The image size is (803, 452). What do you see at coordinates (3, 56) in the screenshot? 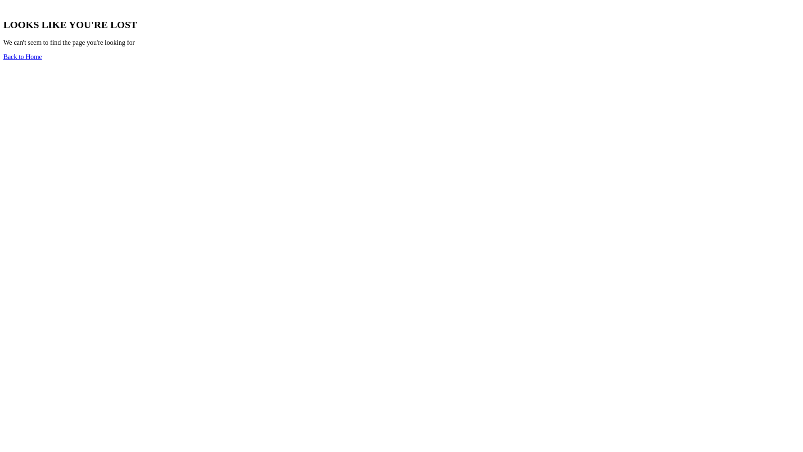
I see `'Back to Home'` at bounding box center [3, 56].